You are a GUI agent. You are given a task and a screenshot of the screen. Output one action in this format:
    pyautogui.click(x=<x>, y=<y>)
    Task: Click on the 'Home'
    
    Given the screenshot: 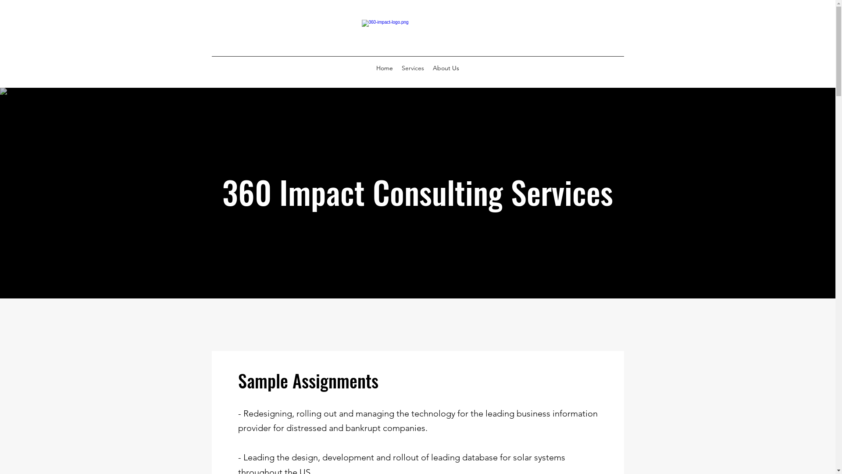 What is the action you would take?
    pyautogui.click(x=385, y=67)
    